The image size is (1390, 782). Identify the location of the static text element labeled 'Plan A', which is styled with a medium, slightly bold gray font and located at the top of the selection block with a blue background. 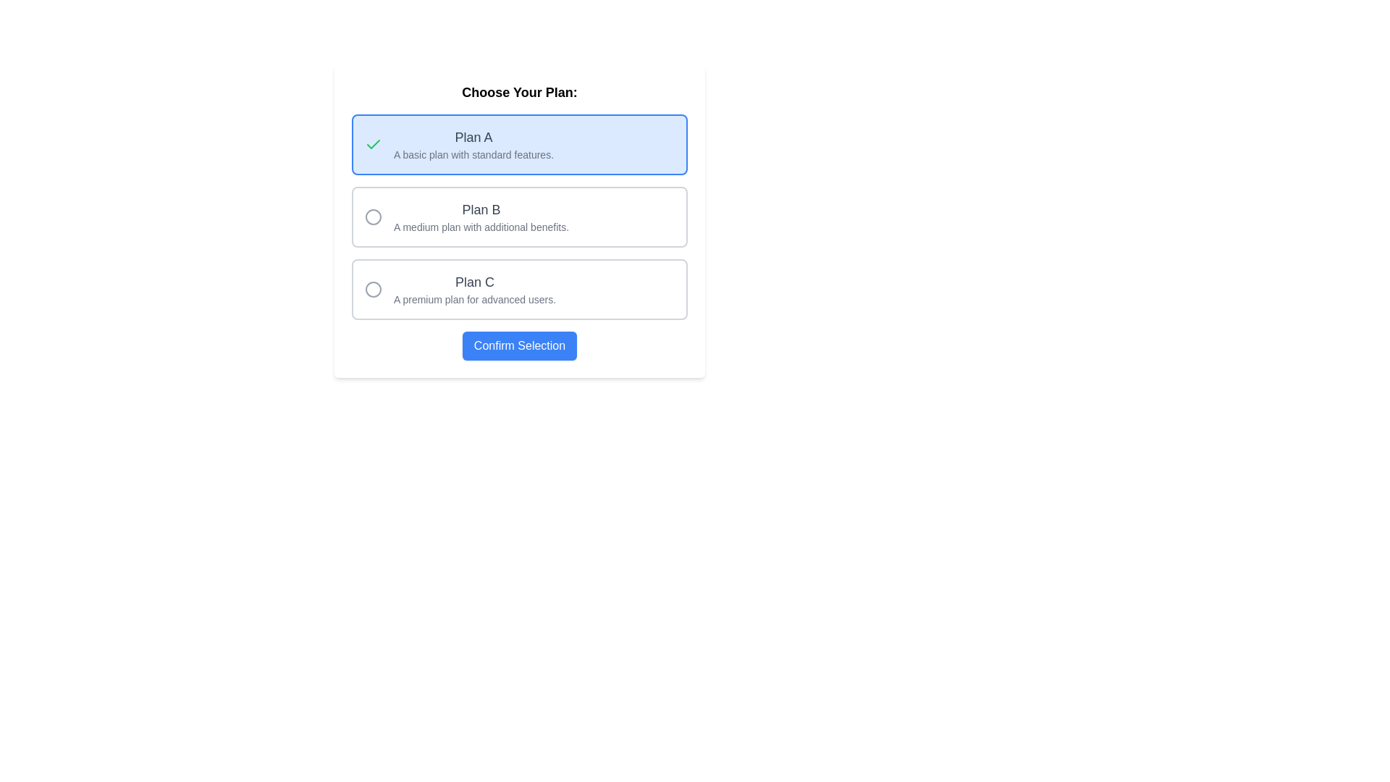
(473, 137).